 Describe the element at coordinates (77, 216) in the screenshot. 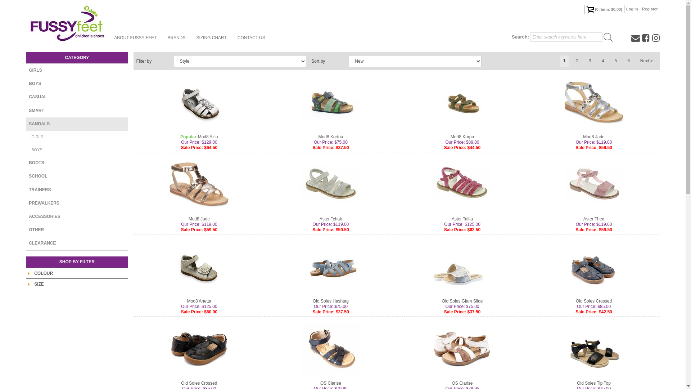

I see `'ACCESSORIES'` at that location.